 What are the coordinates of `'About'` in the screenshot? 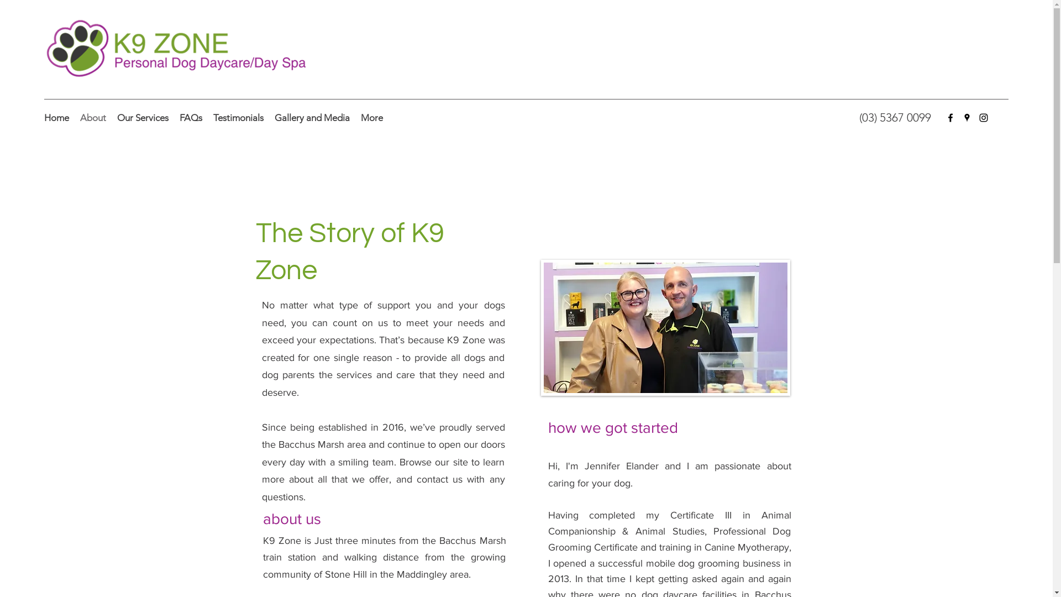 It's located at (73, 117).